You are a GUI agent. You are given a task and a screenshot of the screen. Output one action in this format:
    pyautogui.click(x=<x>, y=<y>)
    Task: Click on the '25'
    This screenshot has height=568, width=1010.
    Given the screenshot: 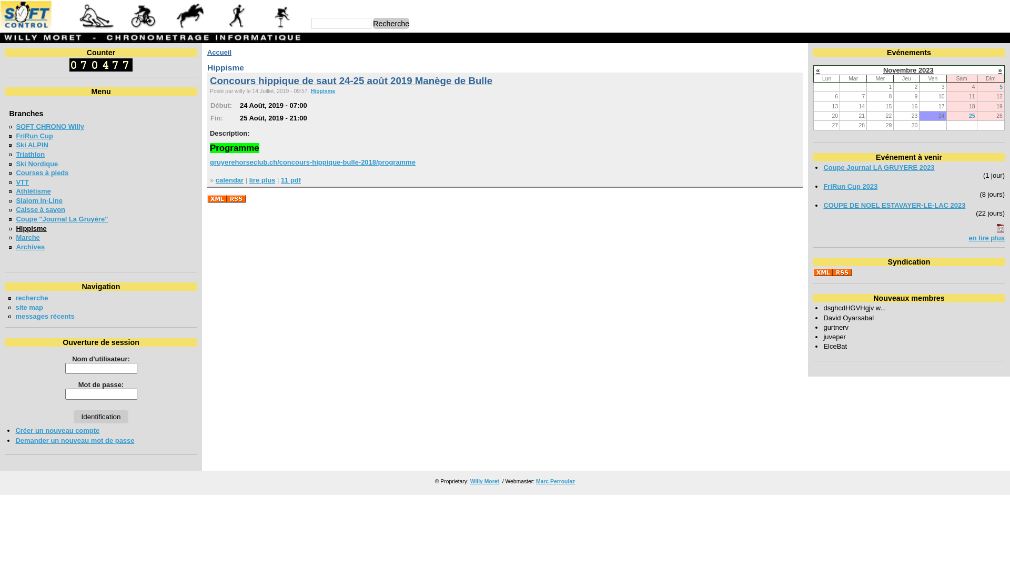 What is the action you would take?
    pyautogui.click(x=972, y=116)
    